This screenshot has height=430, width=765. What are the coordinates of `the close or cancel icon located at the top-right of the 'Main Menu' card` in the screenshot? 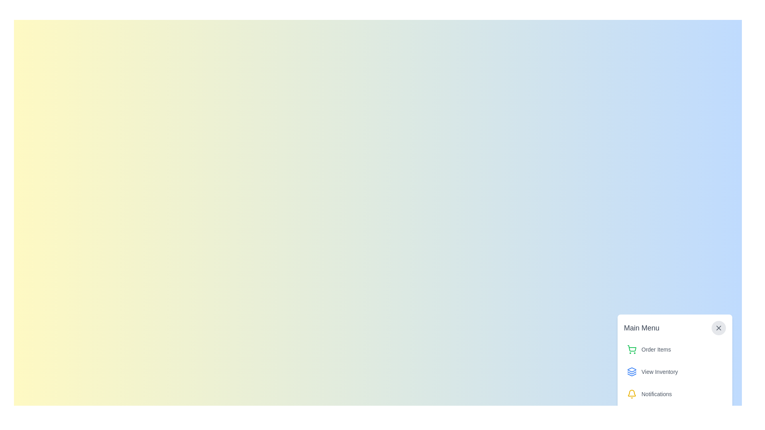 It's located at (719, 328).